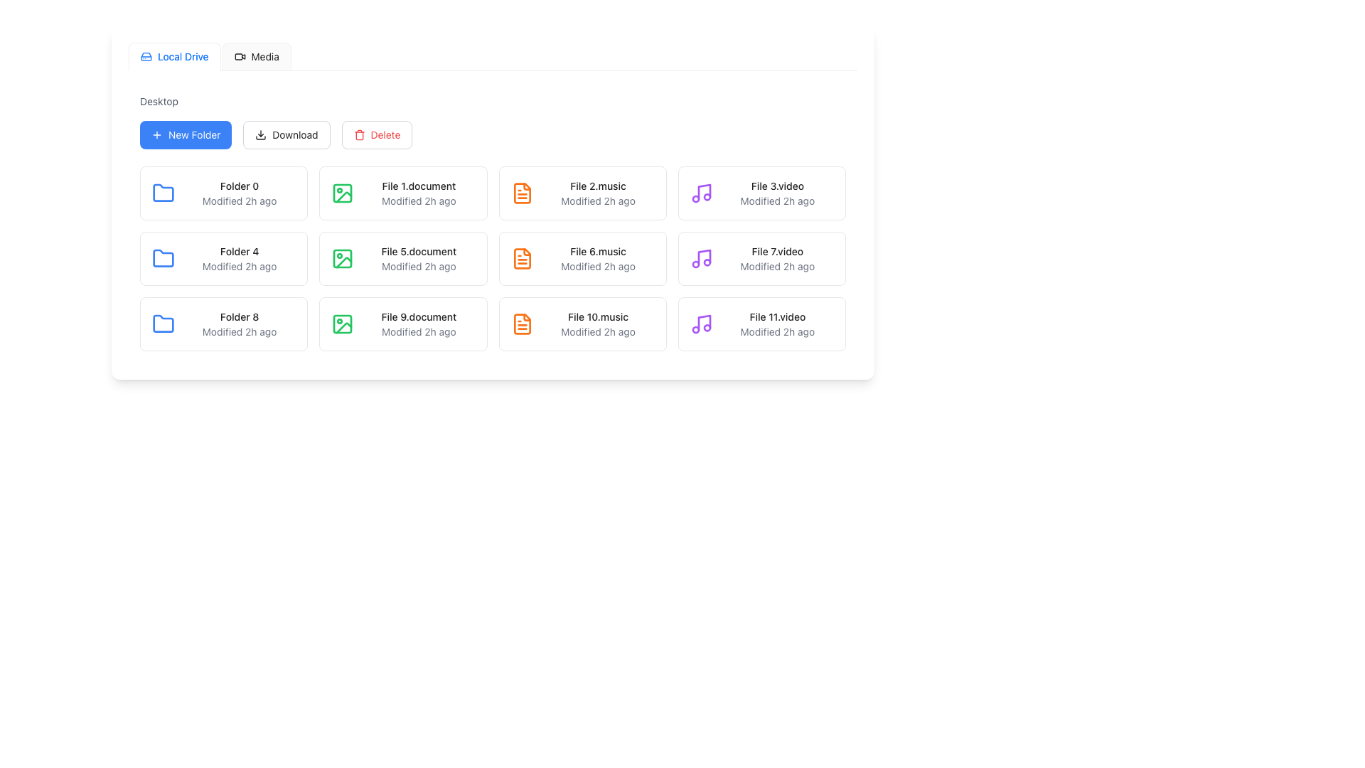 The height and width of the screenshot is (768, 1365). Describe the element at coordinates (173, 56) in the screenshot. I see `the 'Local Drive' tab, which is the first option in the horizontal tab menu` at that location.